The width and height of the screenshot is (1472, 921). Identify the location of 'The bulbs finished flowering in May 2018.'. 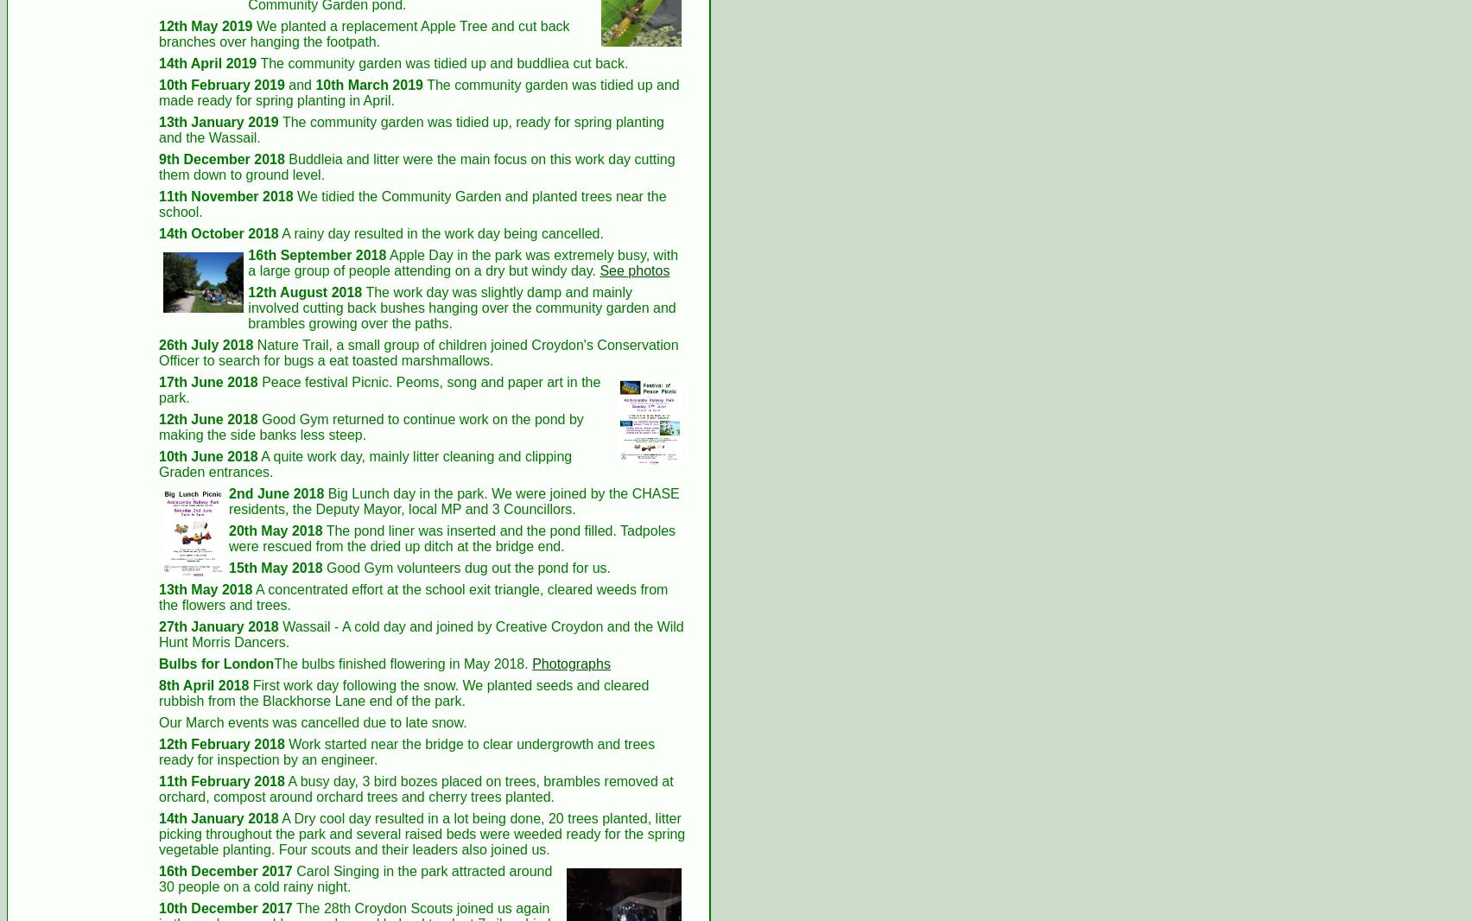
(403, 662).